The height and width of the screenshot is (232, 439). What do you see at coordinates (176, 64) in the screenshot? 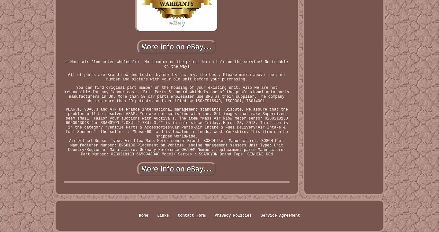
I see `'1 Mass air flow meter wholesaler. No gimmick on the price! No quibble on the service! No trouble on the way!'` at bounding box center [176, 64].